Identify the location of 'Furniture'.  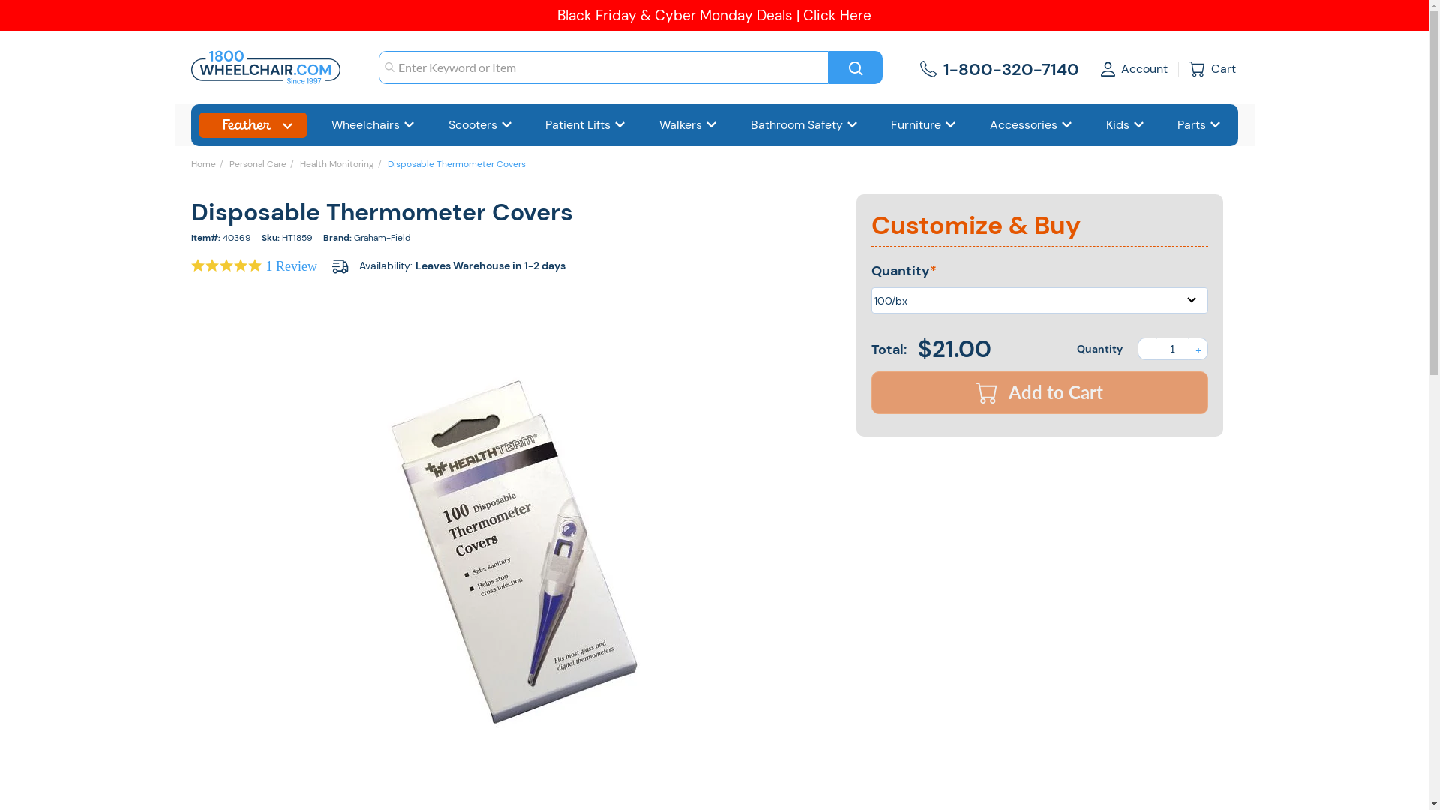
(883, 124).